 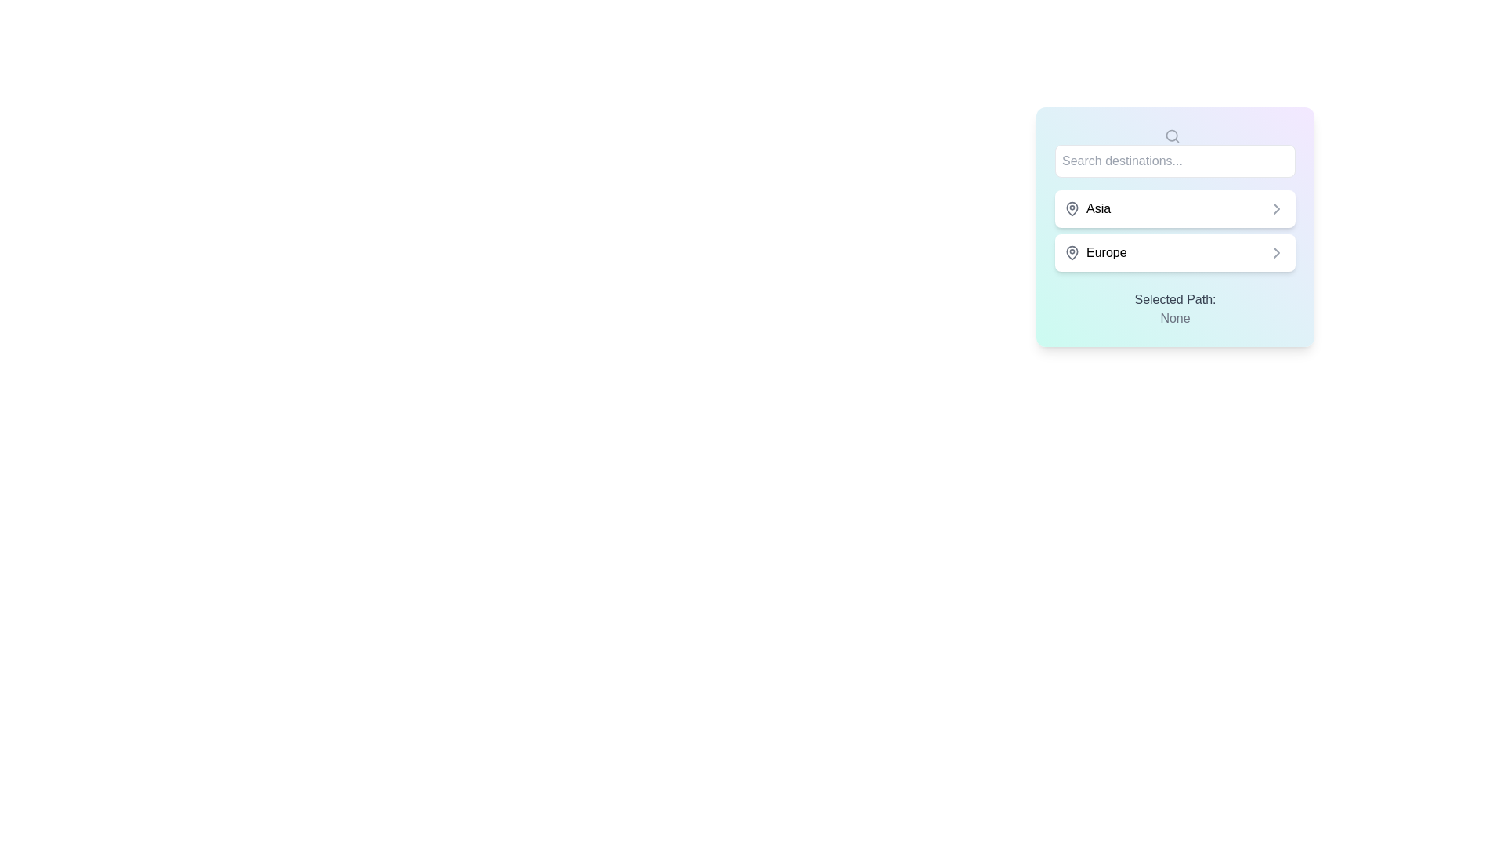 What do you see at coordinates (1174, 252) in the screenshot?
I see `the 'Europe' button in the dropdown list` at bounding box center [1174, 252].